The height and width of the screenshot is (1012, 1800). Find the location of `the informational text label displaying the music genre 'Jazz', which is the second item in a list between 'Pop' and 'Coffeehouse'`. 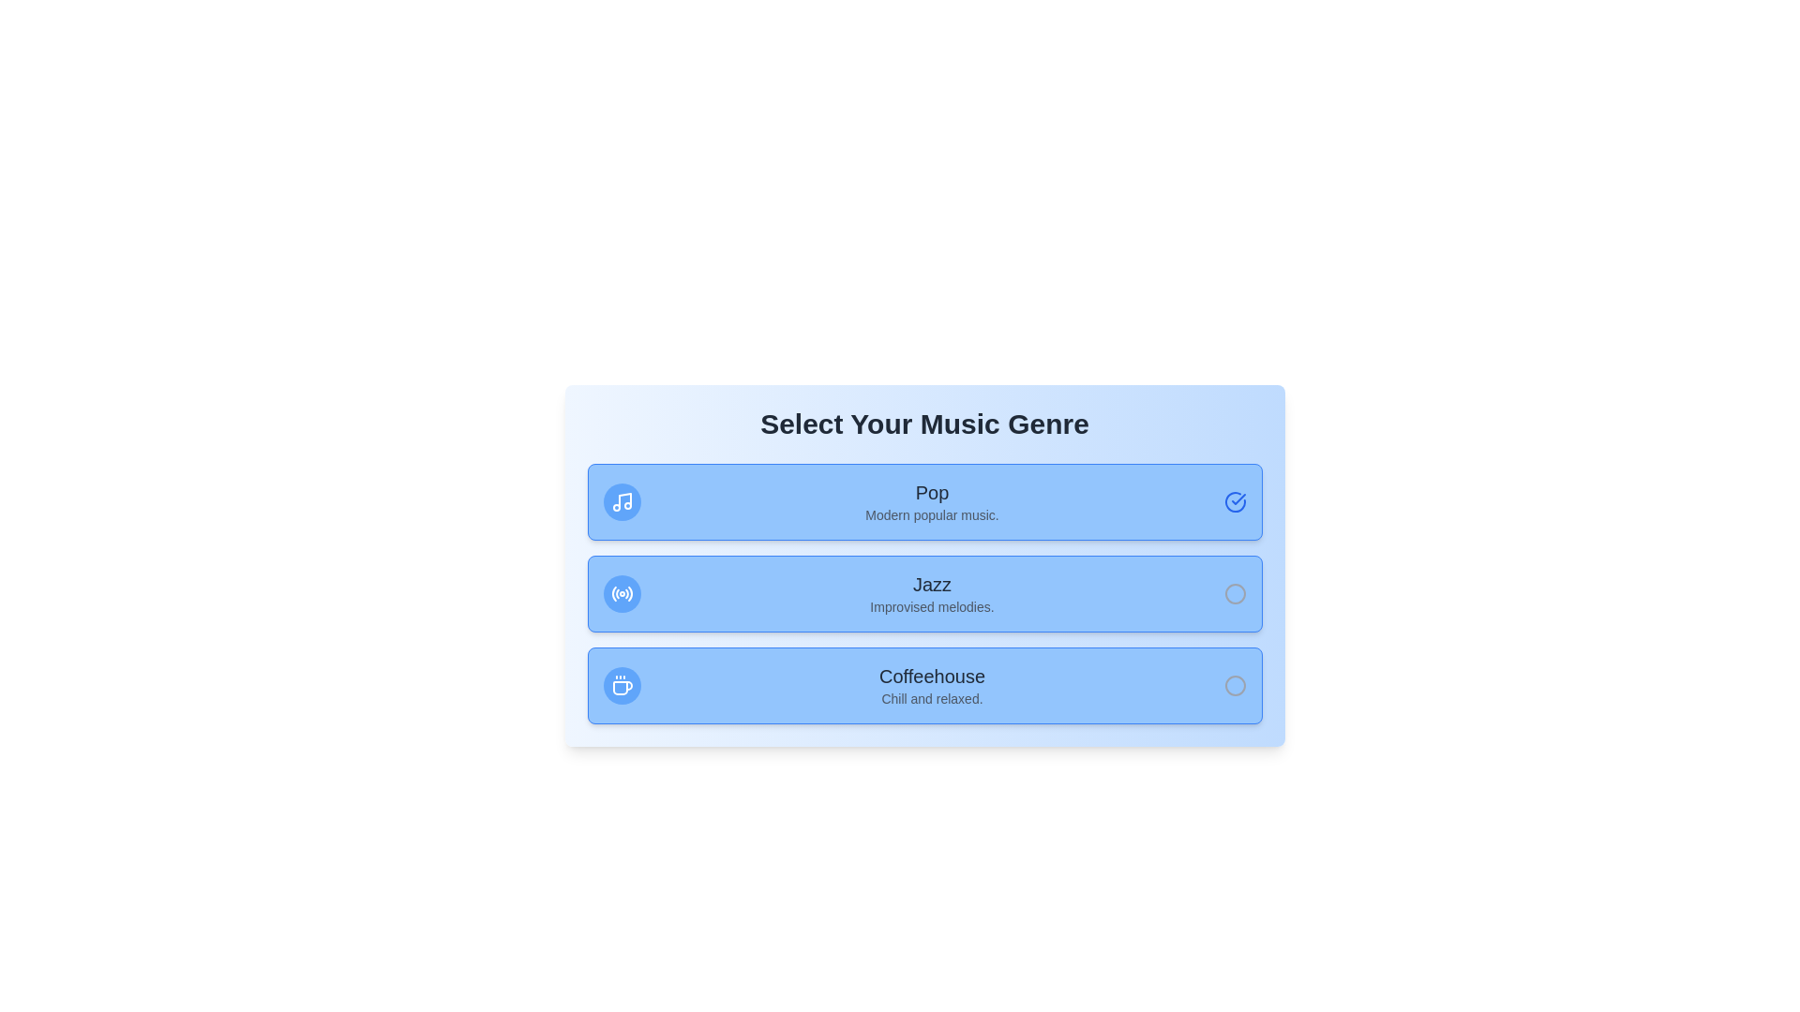

the informational text label displaying the music genre 'Jazz', which is the second item in a list between 'Pop' and 'Coffeehouse' is located at coordinates (932, 593).